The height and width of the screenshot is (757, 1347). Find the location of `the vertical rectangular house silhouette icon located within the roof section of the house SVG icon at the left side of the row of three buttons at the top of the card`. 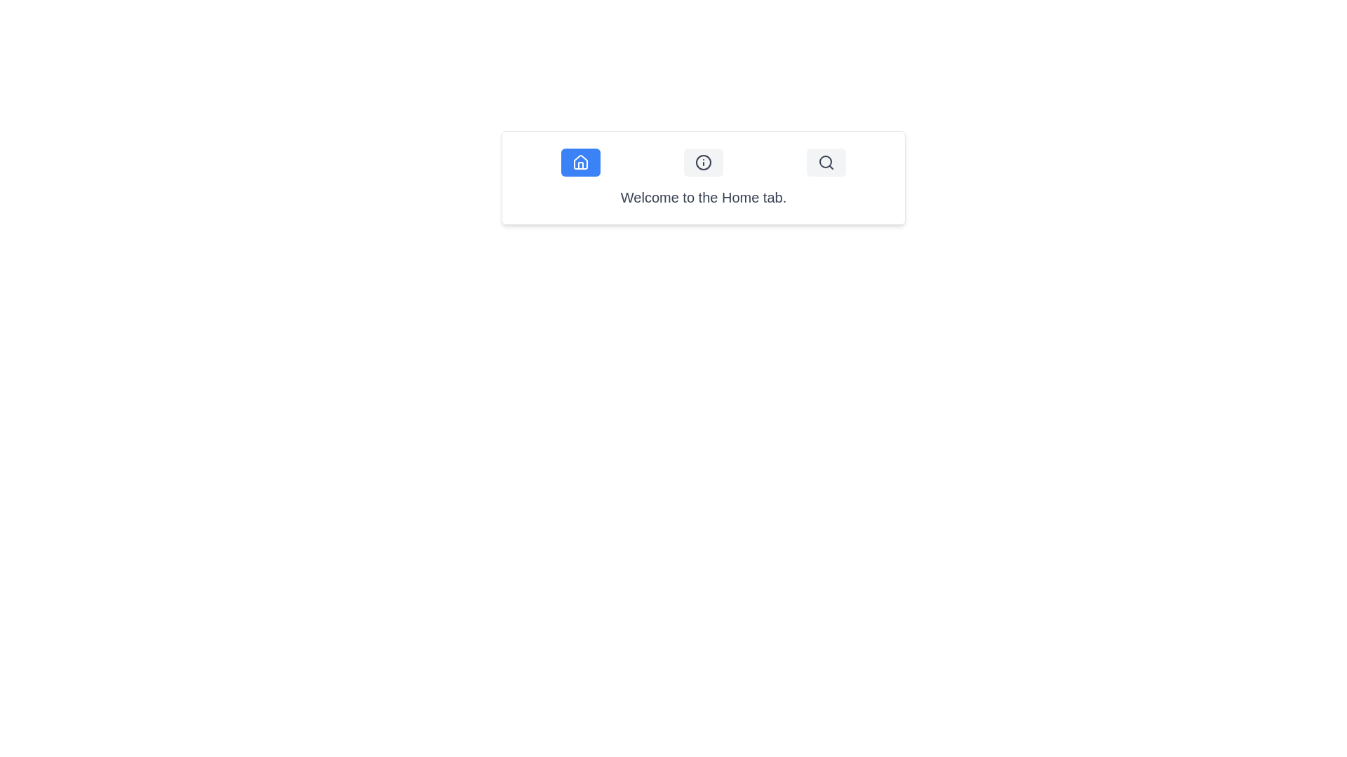

the vertical rectangular house silhouette icon located within the roof section of the house SVG icon at the left side of the row of three buttons at the top of the card is located at coordinates (580, 165).